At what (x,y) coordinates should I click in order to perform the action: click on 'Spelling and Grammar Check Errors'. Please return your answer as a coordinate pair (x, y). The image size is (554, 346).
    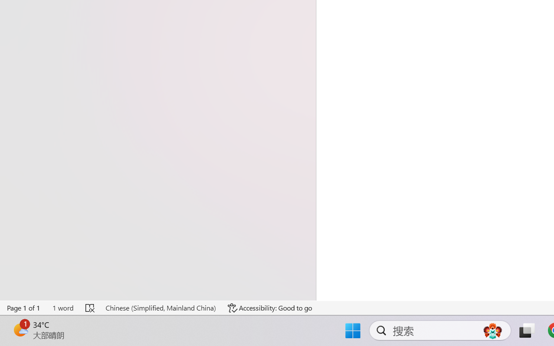
    Looking at the image, I should click on (90, 308).